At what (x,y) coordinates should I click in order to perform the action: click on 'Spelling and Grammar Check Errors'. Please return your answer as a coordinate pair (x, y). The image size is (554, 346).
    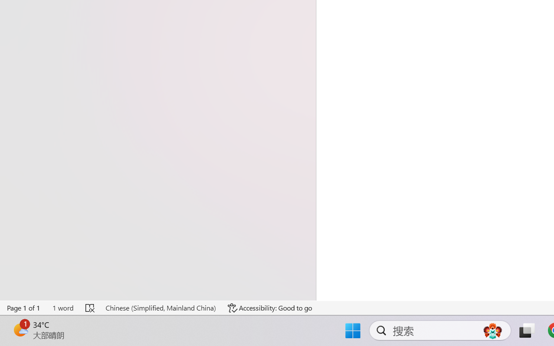
    Looking at the image, I should click on (90, 308).